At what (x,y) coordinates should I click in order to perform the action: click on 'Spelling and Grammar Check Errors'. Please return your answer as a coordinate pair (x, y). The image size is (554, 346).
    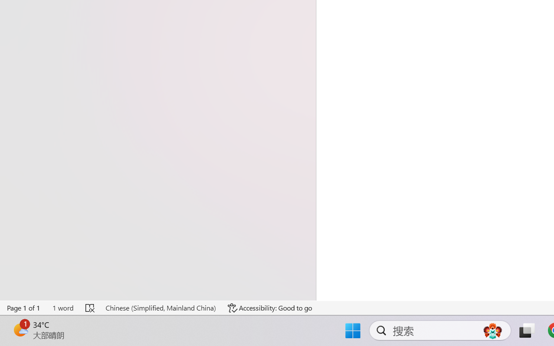
    Looking at the image, I should click on (90, 308).